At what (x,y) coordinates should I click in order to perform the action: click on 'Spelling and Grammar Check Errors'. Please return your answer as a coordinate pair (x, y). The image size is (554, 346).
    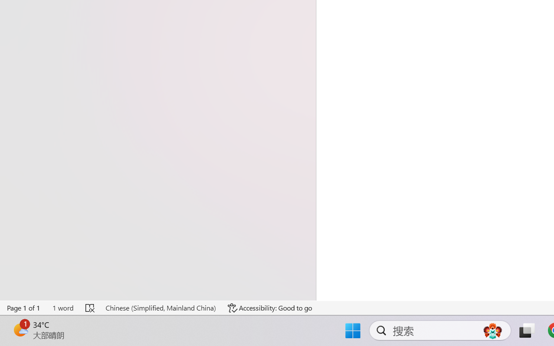
    Looking at the image, I should click on (90, 308).